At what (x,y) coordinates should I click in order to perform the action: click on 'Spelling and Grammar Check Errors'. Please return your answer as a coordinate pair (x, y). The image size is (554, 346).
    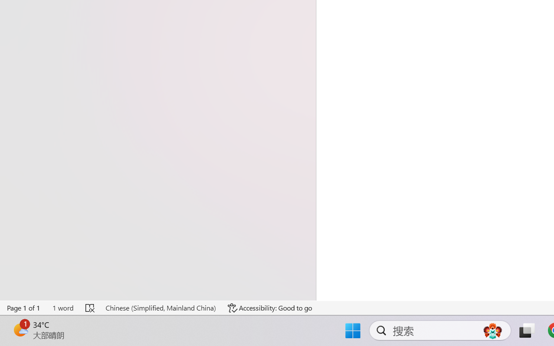
    Looking at the image, I should click on (90, 308).